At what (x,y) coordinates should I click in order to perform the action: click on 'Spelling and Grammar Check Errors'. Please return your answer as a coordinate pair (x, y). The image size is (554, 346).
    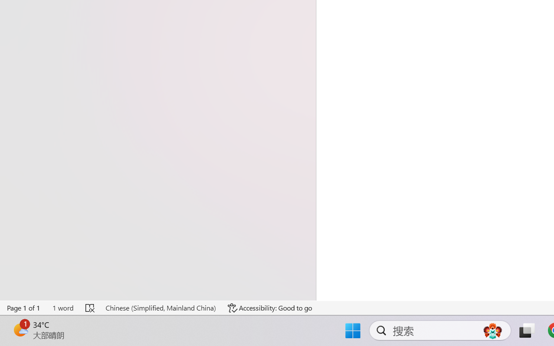
    Looking at the image, I should click on (90, 308).